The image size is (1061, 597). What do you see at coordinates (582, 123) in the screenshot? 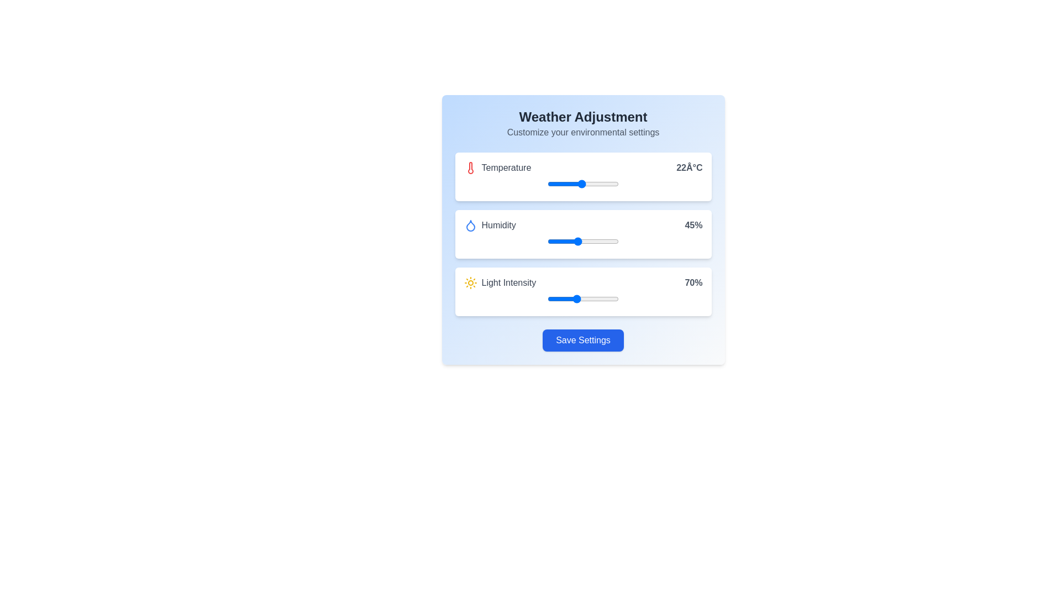
I see `text of the Header element titled 'Weather Adjustment', which contains the subtitle 'Customize your environmental settings'` at bounding box center [582, 123].